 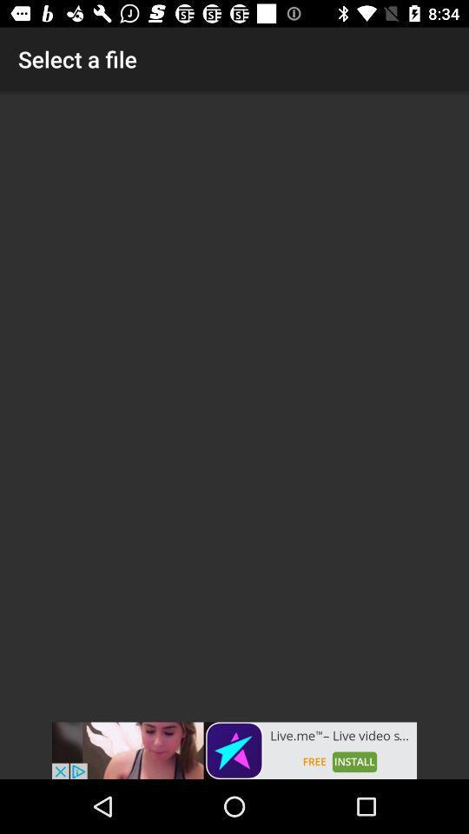 I want to click on install app, so click(x=234, y=750).